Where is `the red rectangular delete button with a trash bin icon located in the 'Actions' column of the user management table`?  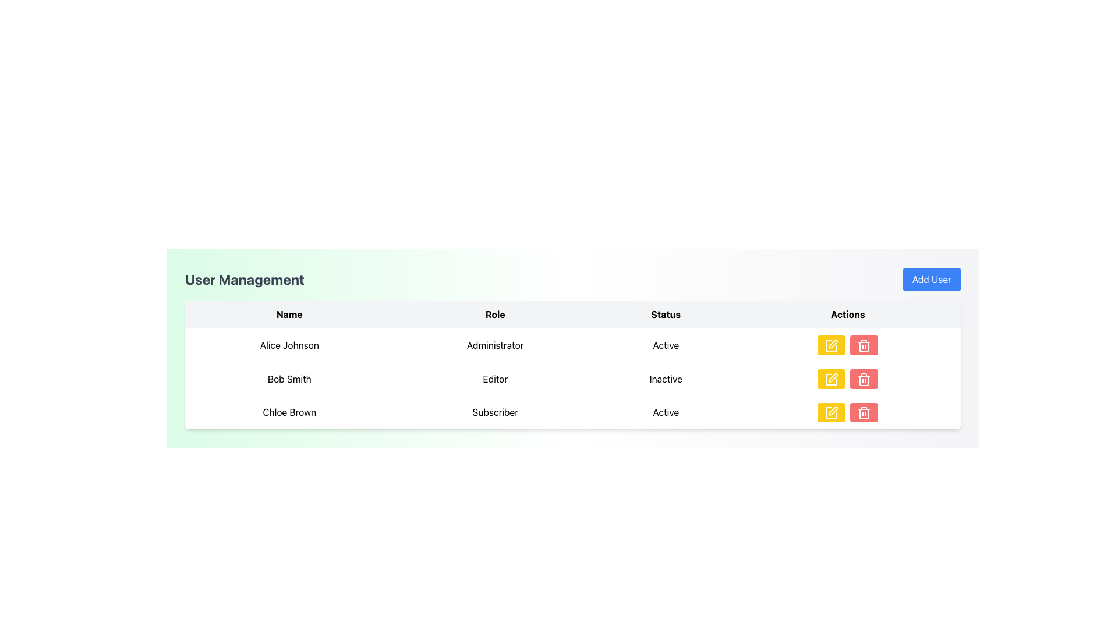
the red rectangular delete button with a trash bin icon located in the 'Actions' column of the user management table is located at coordinates (864, 344).